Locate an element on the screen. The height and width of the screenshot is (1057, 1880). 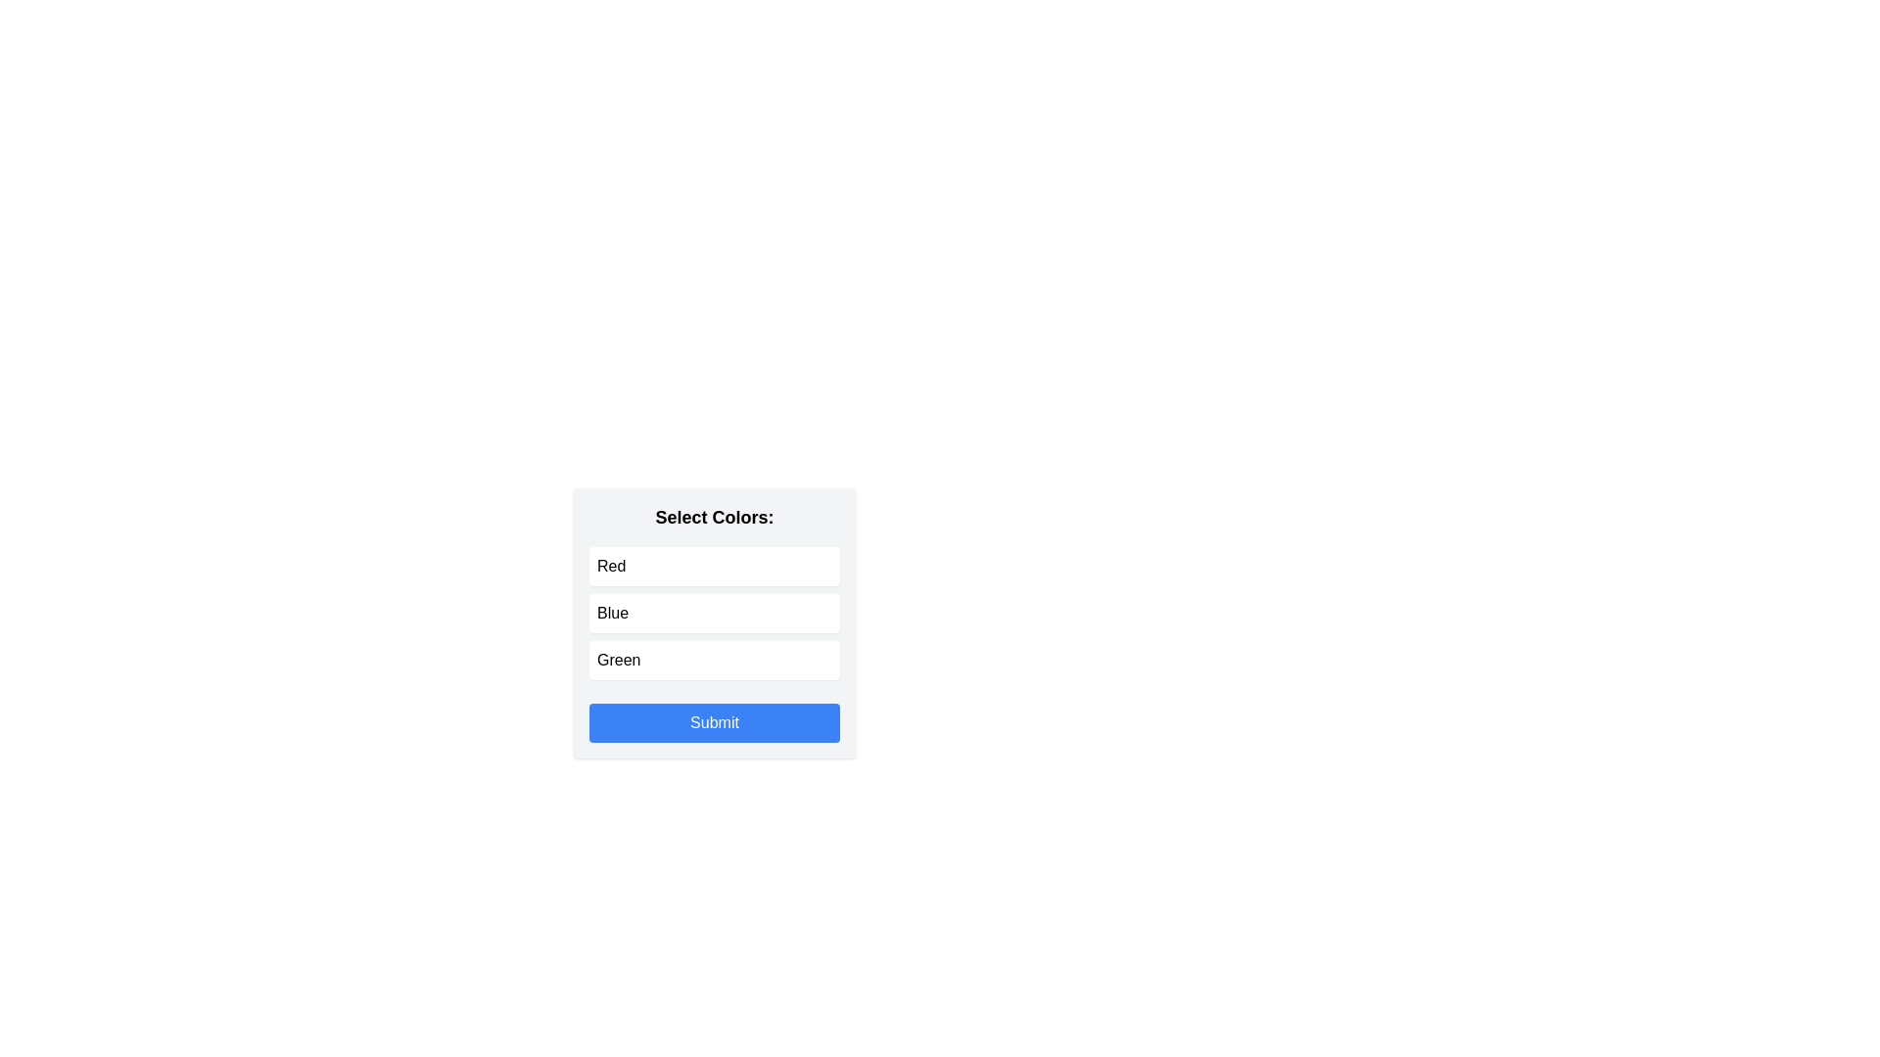
the selectable label for the color 'Blue' to edit it, as it is positioned second is located at coordinates (611, 613).